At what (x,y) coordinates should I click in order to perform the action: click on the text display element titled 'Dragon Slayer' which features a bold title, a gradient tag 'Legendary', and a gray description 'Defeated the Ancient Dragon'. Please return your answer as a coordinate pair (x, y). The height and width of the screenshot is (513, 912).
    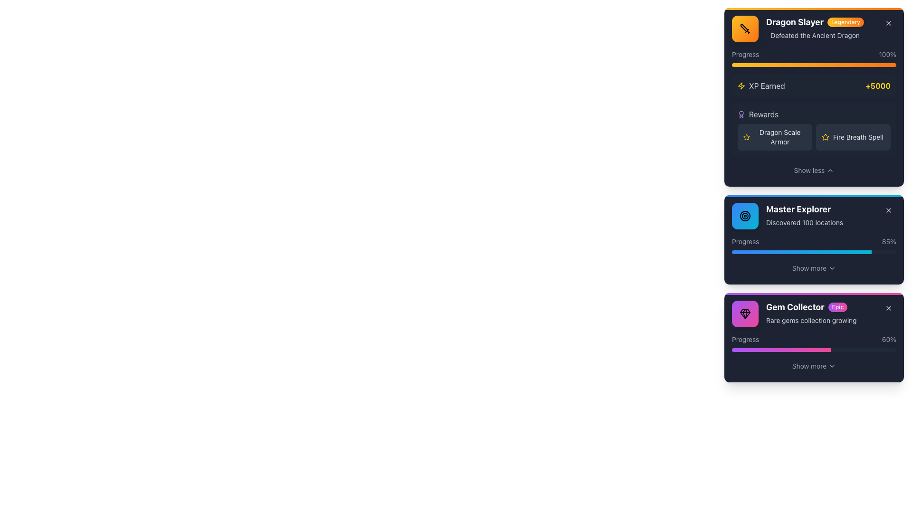
    Looking at the image, I should click on (815, 28).